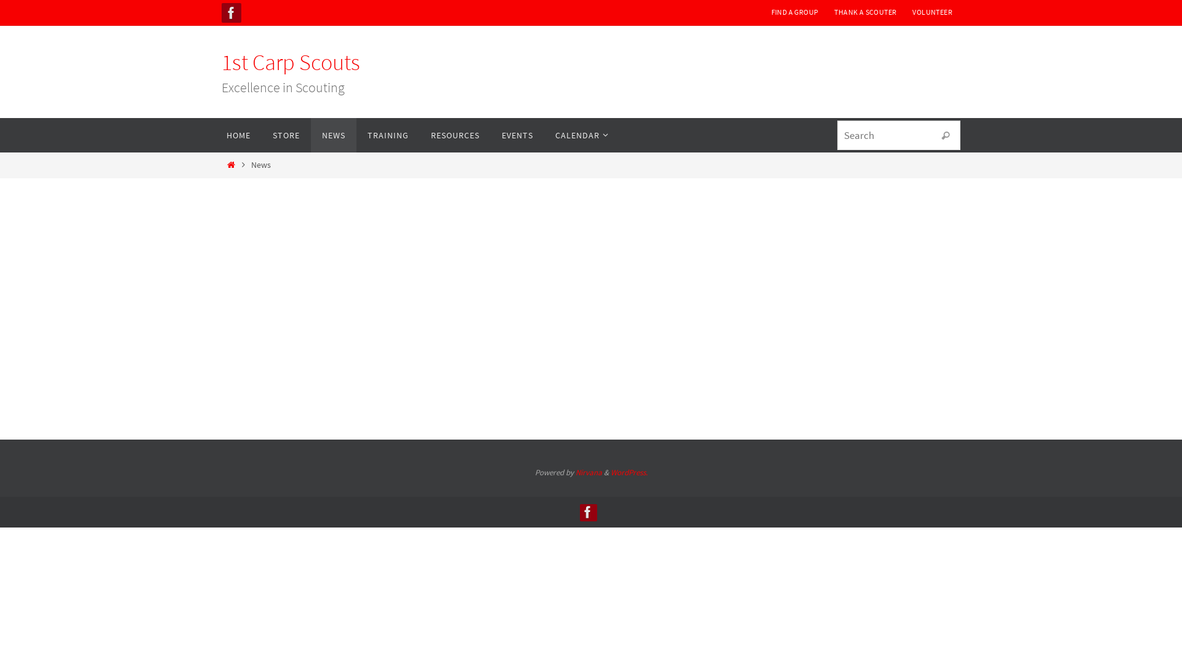 Image resolution: width=1182 pixels, height=664 pixels. What do you see at coordinates (290, 62) in the screenshot?
I see `'1st Carp Scouts'` at bounding box center [290, 62].